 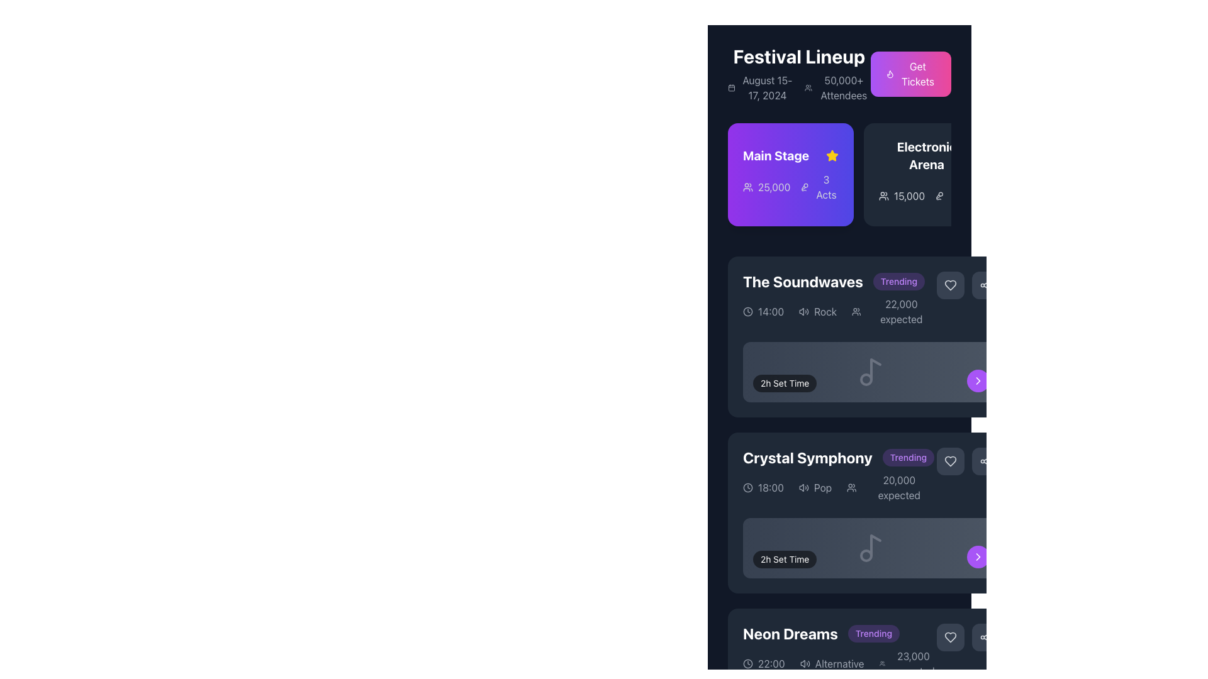 What do you see at coordinates (807, 458) in the screenshot?
I see `the text label displaying 'Crystal Symphony' in bold white letters, which changes color to purple on hover, positioned in the middle right section of the display` at bounding box center [807, 458].